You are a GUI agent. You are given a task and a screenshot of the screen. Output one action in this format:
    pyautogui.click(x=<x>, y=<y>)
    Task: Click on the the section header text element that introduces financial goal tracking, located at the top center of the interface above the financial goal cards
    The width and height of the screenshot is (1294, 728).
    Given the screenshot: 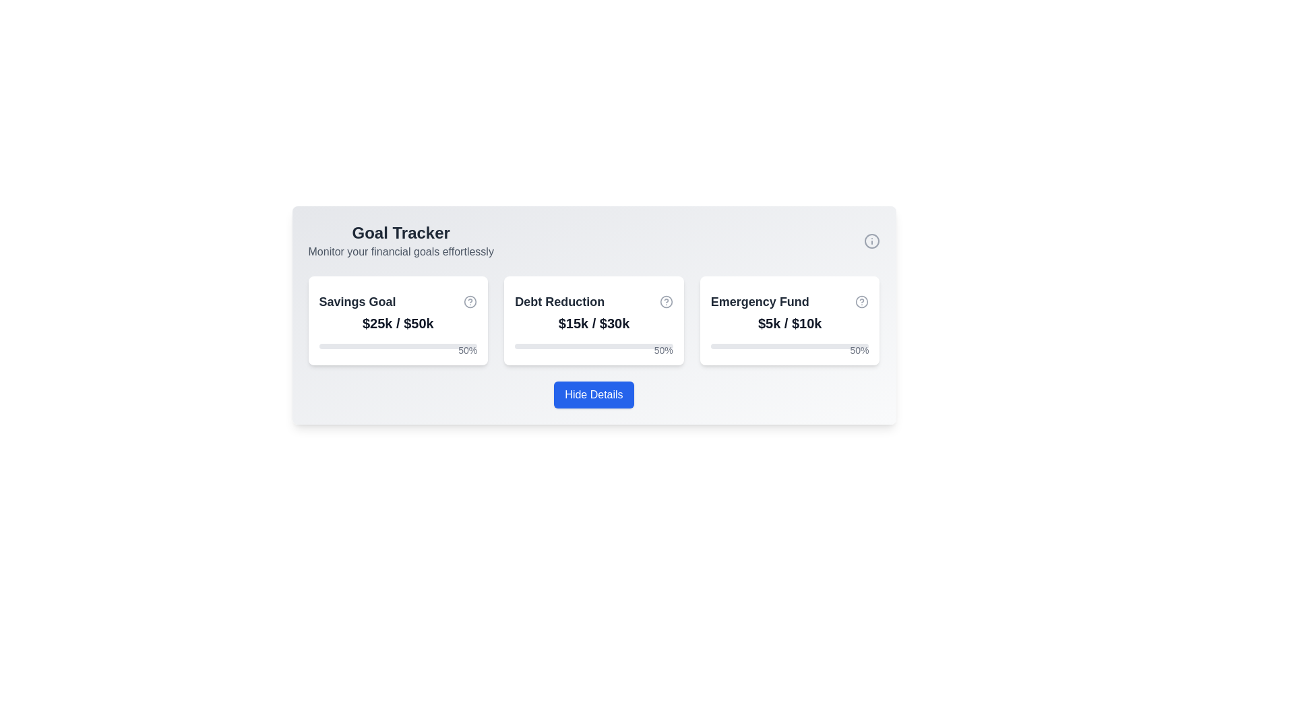 What is the action you would take?
    pyautogui.click(x=400, y=241)
    